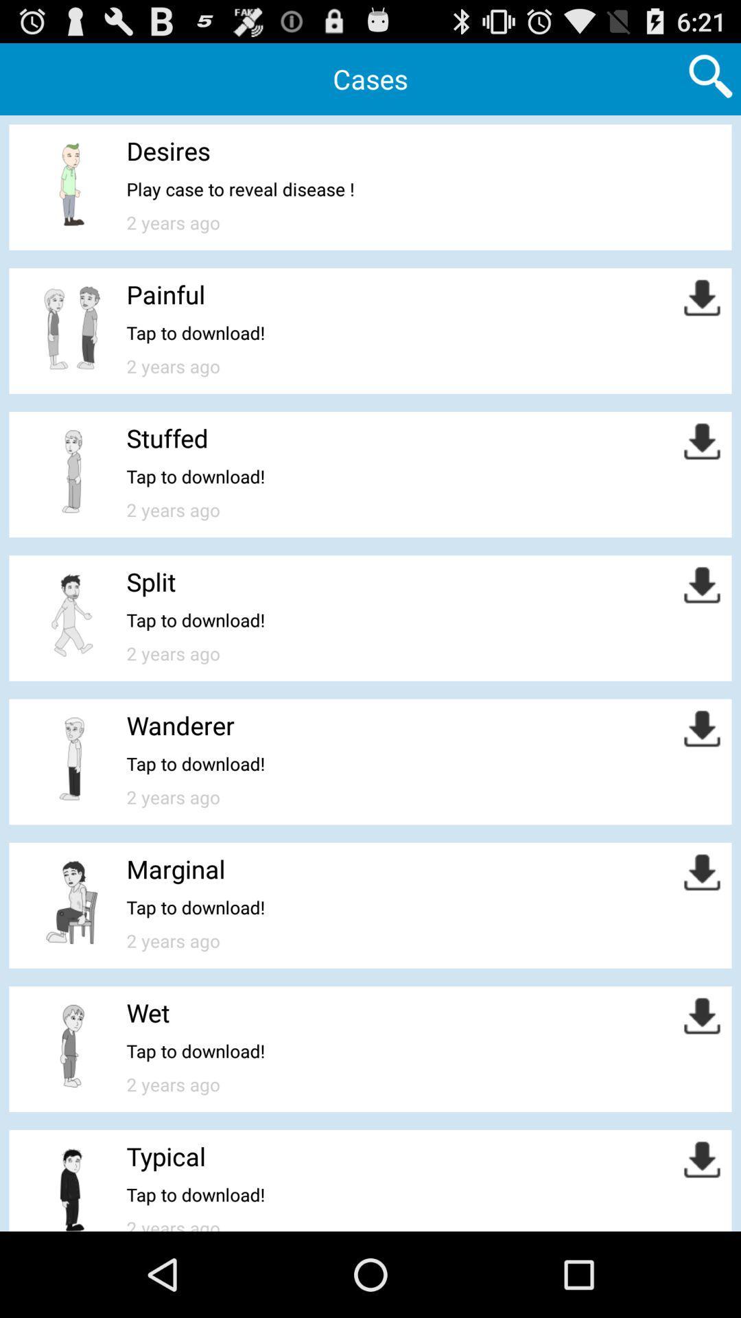 This screenshot has height=1318, width=741. I want to click on marginal, so click(175, 868).